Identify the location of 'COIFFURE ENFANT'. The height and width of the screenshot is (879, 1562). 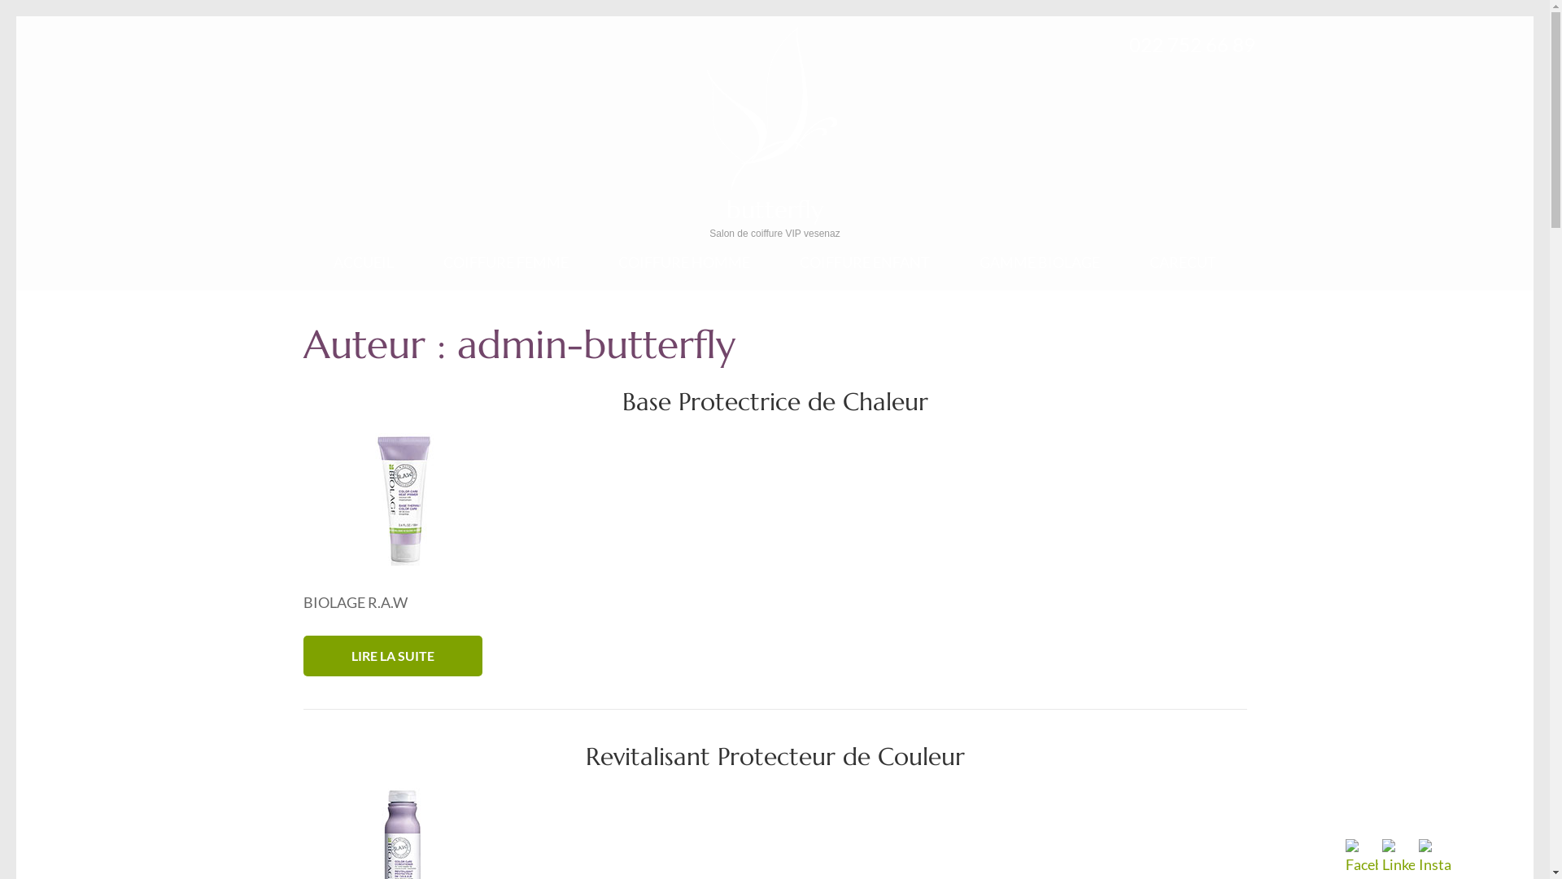
(863, 271).